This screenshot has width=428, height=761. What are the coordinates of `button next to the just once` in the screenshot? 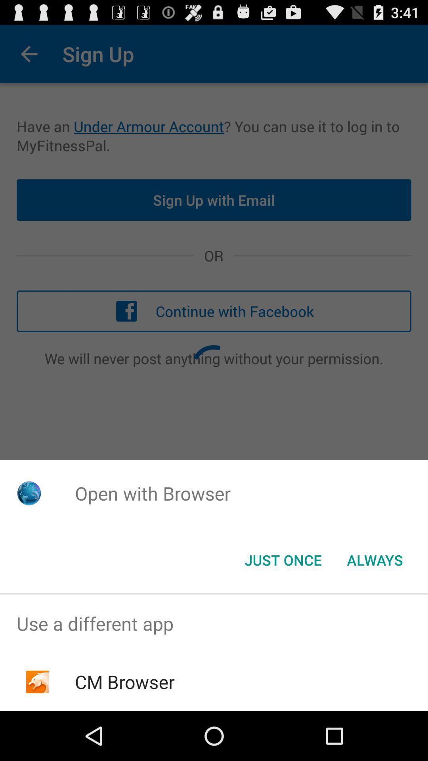 It's located at (374, 559).